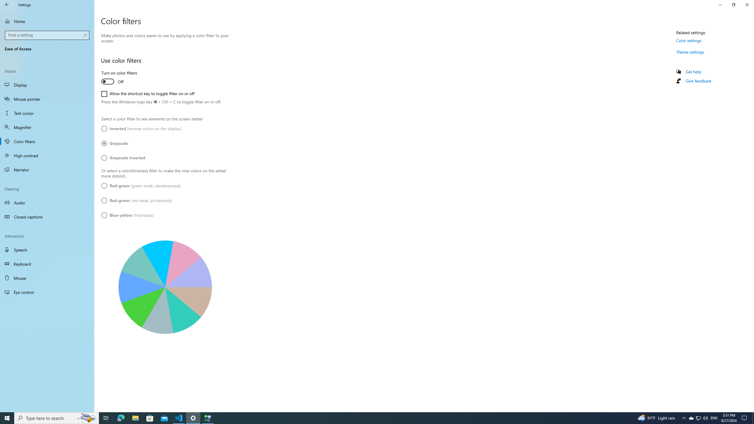 The height and width of the screenshot is (424, 754). Describe the element at coordinates (123, 158) in the screenshot. I see `'Grayscale inverted'` at that location.